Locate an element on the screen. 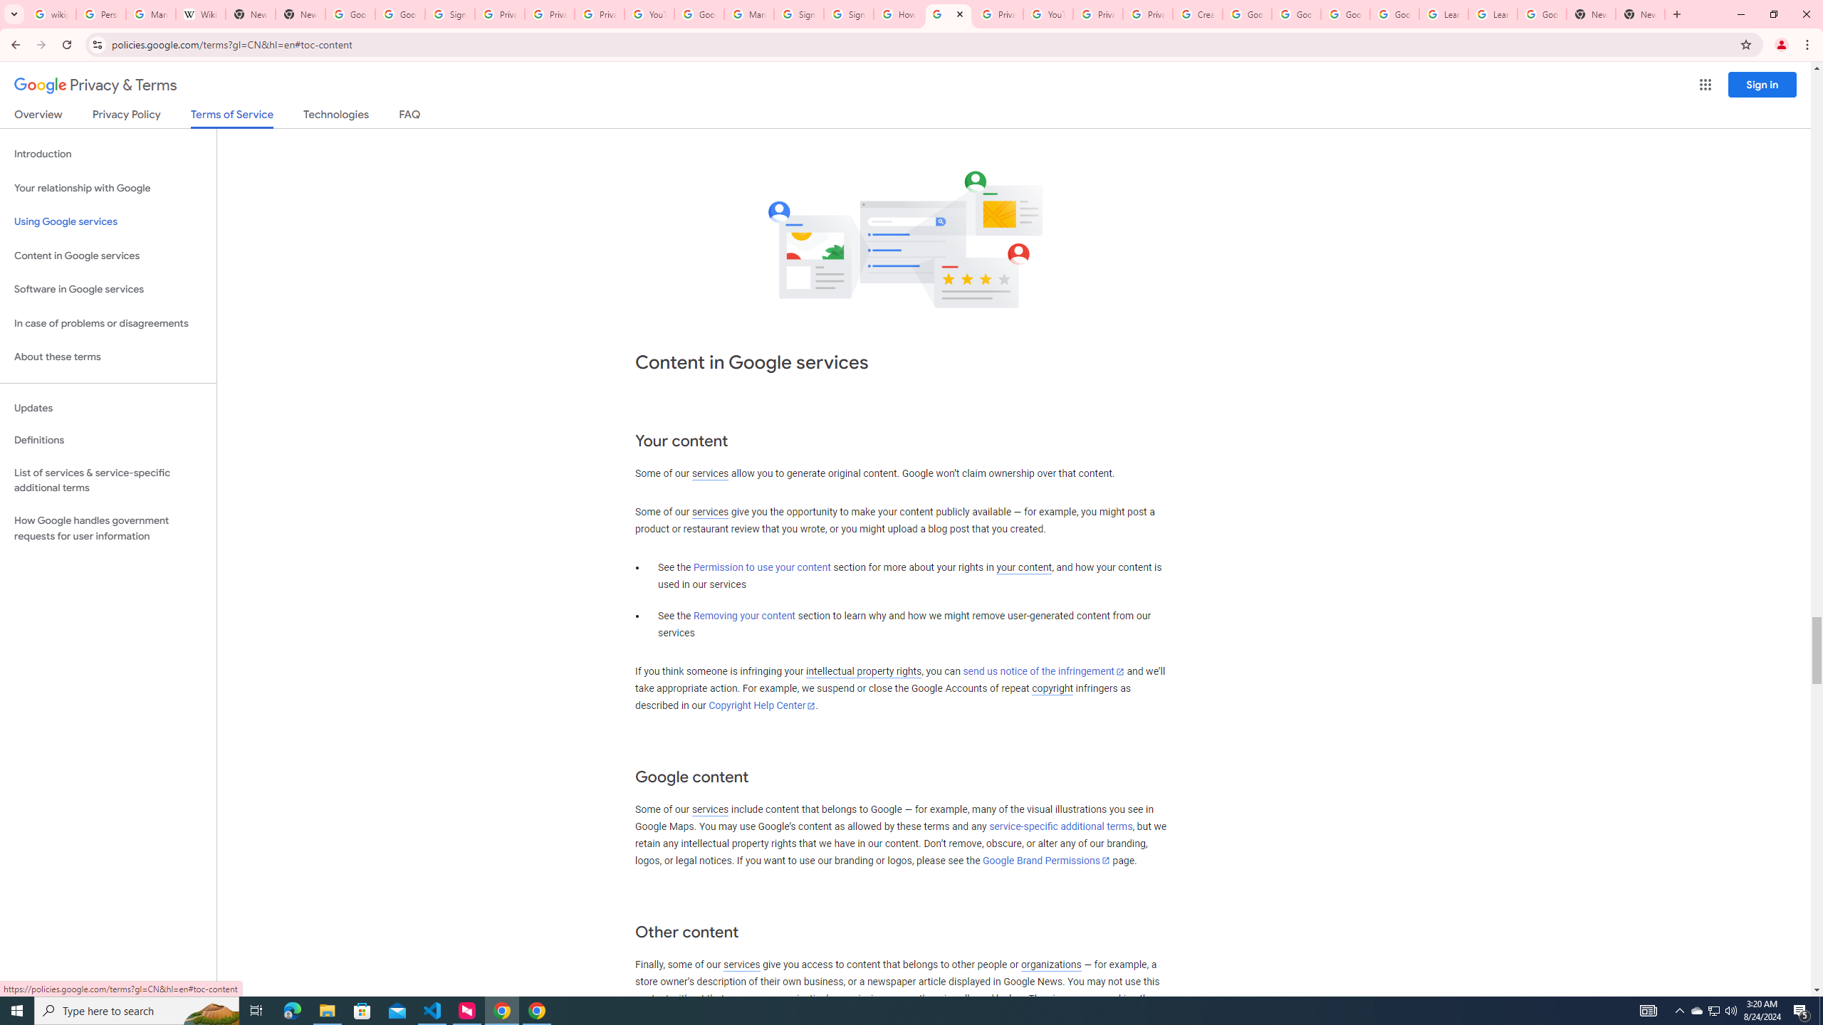  'Using Google services' is located at coordinates (108, 221).